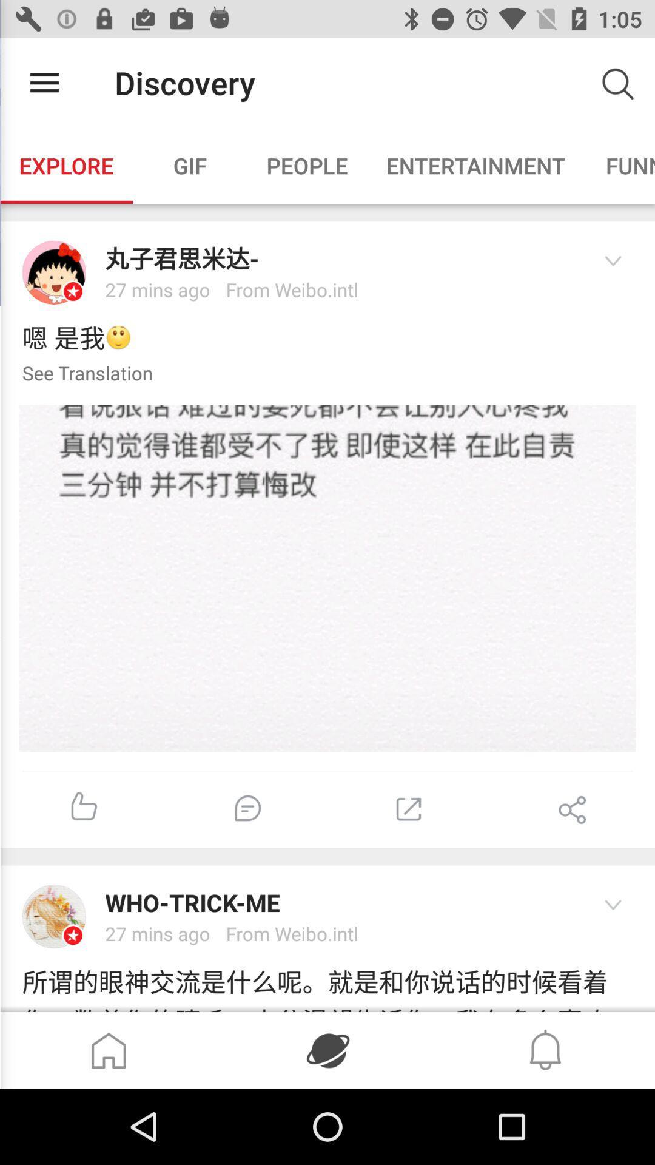 The width and height of the screenshot is (655, 1165). Describe the element at coordinates (340, 902) in the screenshot. I see `icon above 27 mins ago icon` at that location.